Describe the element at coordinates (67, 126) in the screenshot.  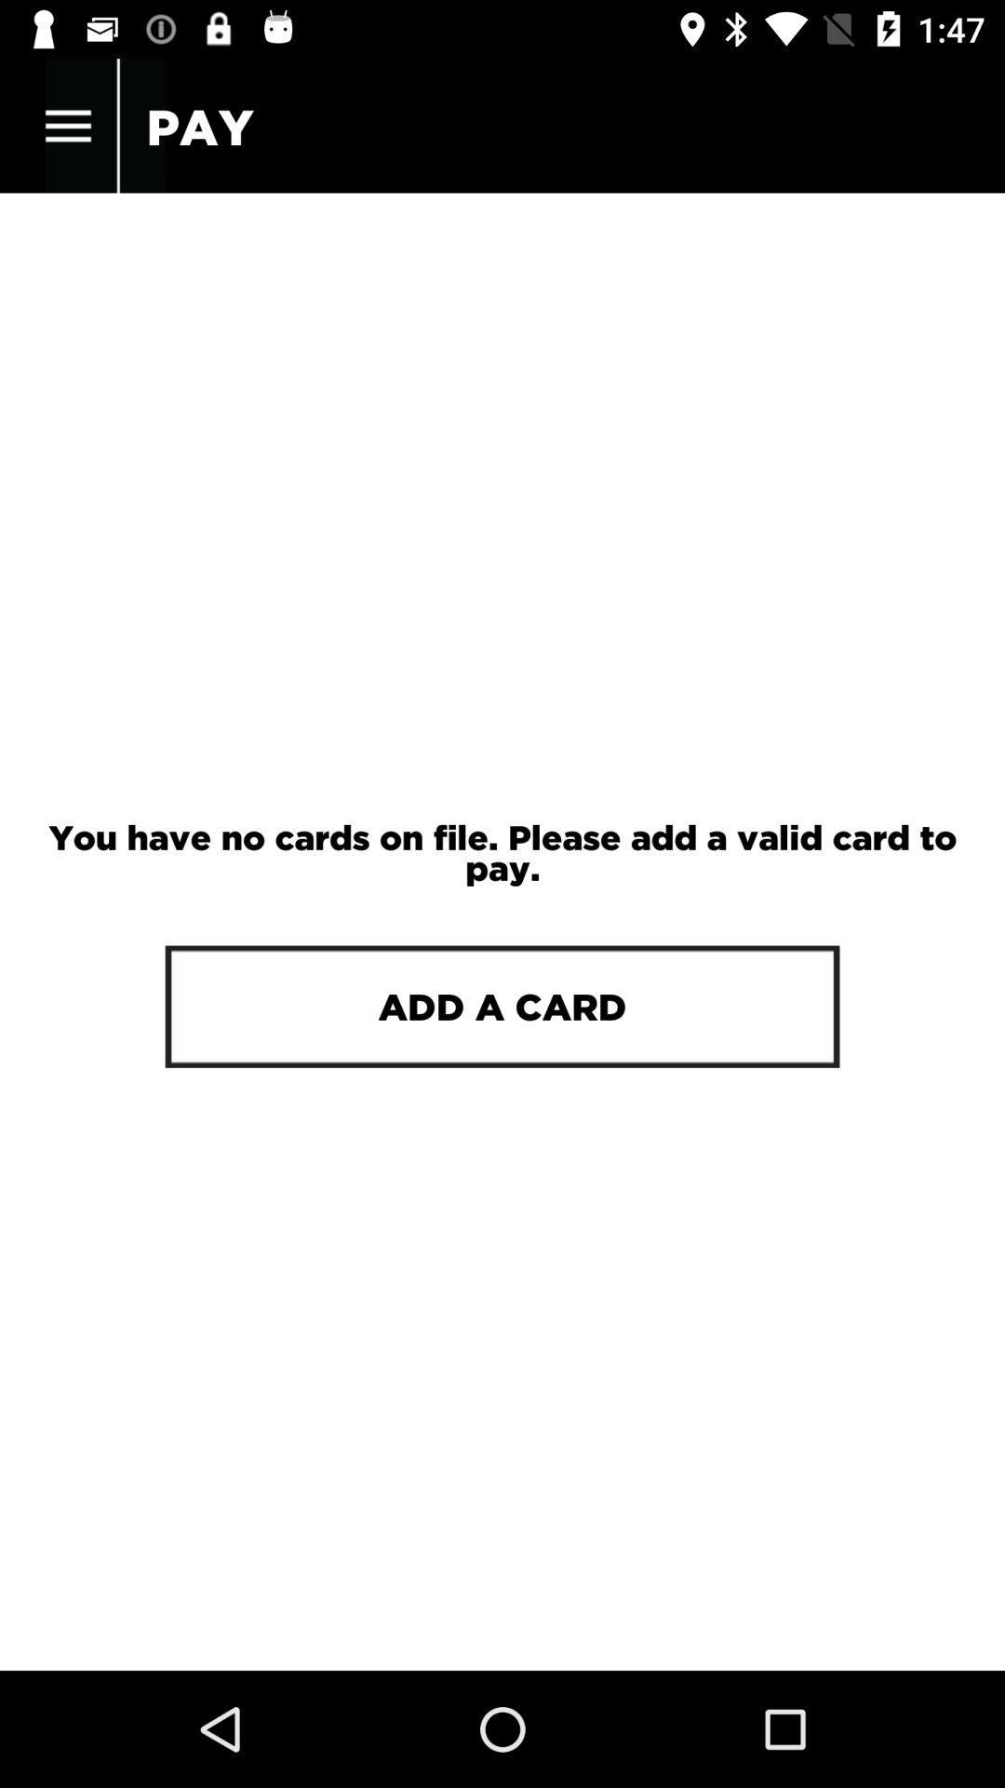
I see `the icon to the left of pay item` at that location.